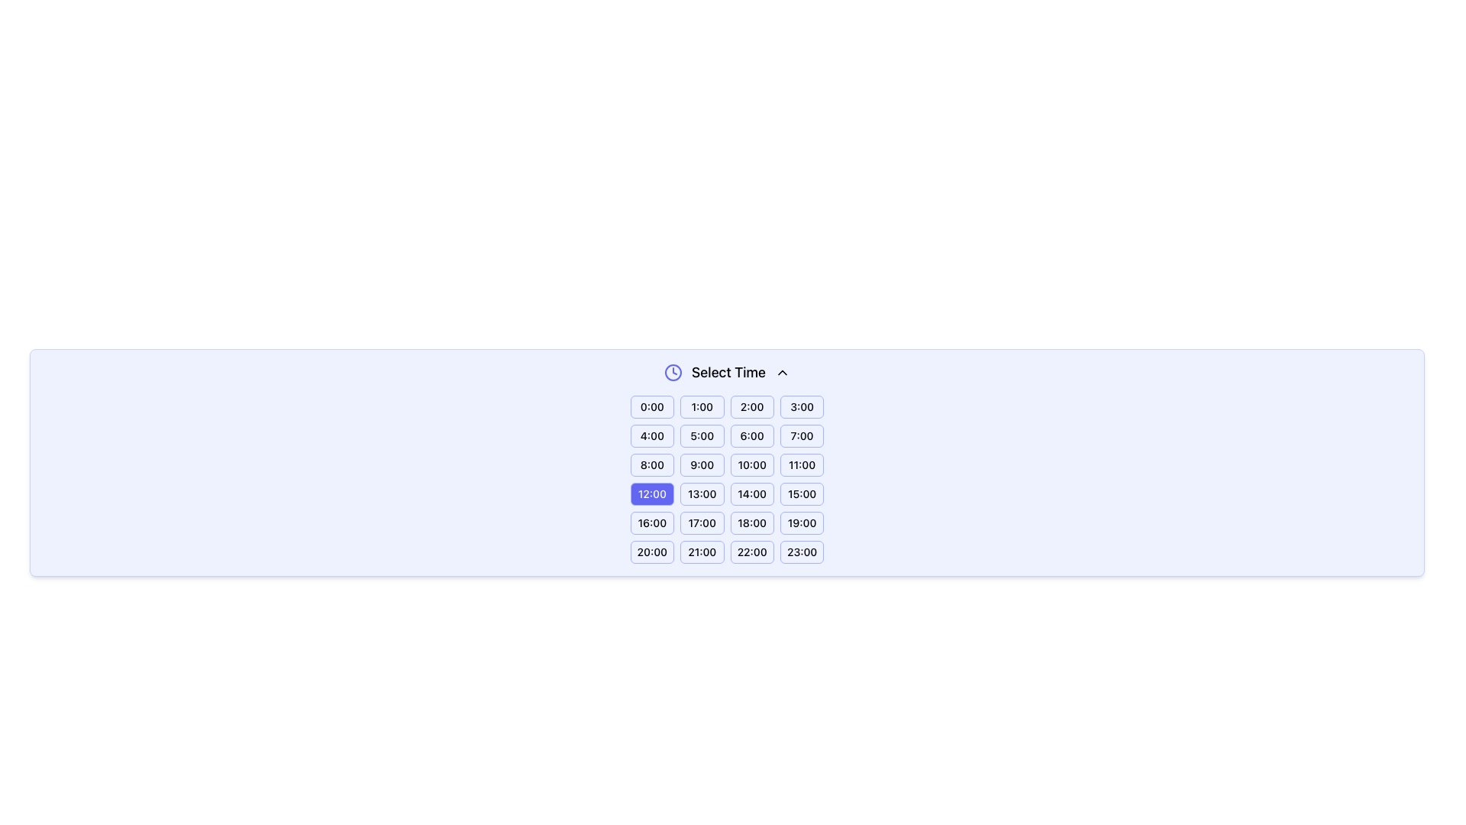  I want to click on the time selection button for '3:00' located in the first row and fourth column of the time picker grid, so click(801, 406).